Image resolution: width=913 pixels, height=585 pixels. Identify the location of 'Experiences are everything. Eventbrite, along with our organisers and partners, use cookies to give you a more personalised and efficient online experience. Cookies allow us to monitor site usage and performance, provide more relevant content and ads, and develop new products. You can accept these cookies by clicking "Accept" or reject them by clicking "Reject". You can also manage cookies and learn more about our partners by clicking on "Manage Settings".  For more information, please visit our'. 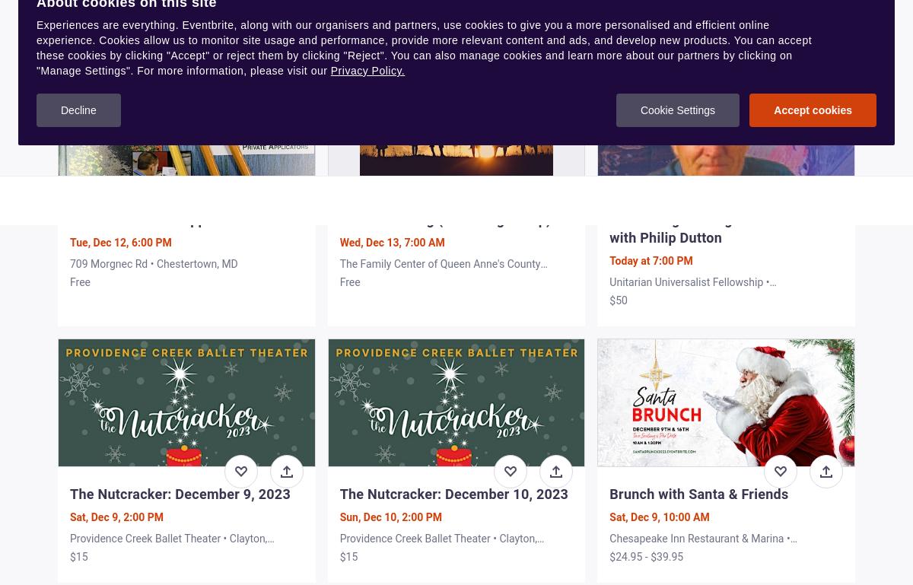
(423, 46).